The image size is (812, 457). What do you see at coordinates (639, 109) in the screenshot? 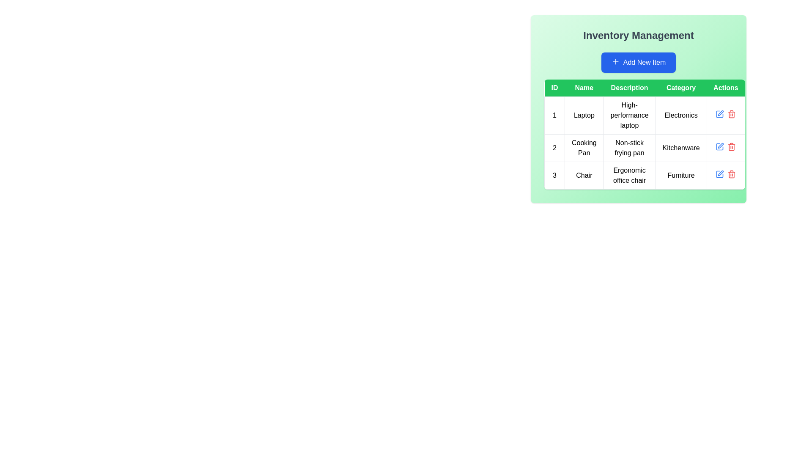
I see `the Text display cell that provides a brief description of the product 'Laptop', located in the first row under the 'Description' header` at bounding box center [639, 109].